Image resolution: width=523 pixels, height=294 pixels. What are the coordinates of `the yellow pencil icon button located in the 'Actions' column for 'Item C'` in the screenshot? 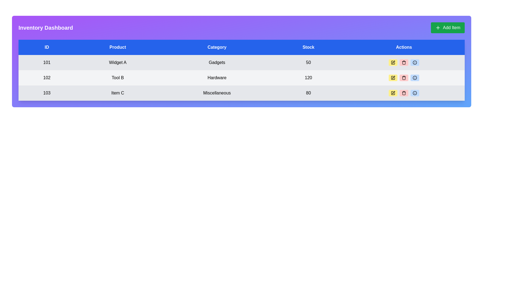 It's located at (393, 92).